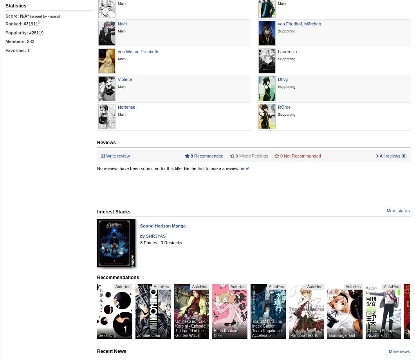 This screenshot has height=360, width=415. Describe the element at coordinates (378, 155) in the screenshot. I see `'All reviews ('` at that location.